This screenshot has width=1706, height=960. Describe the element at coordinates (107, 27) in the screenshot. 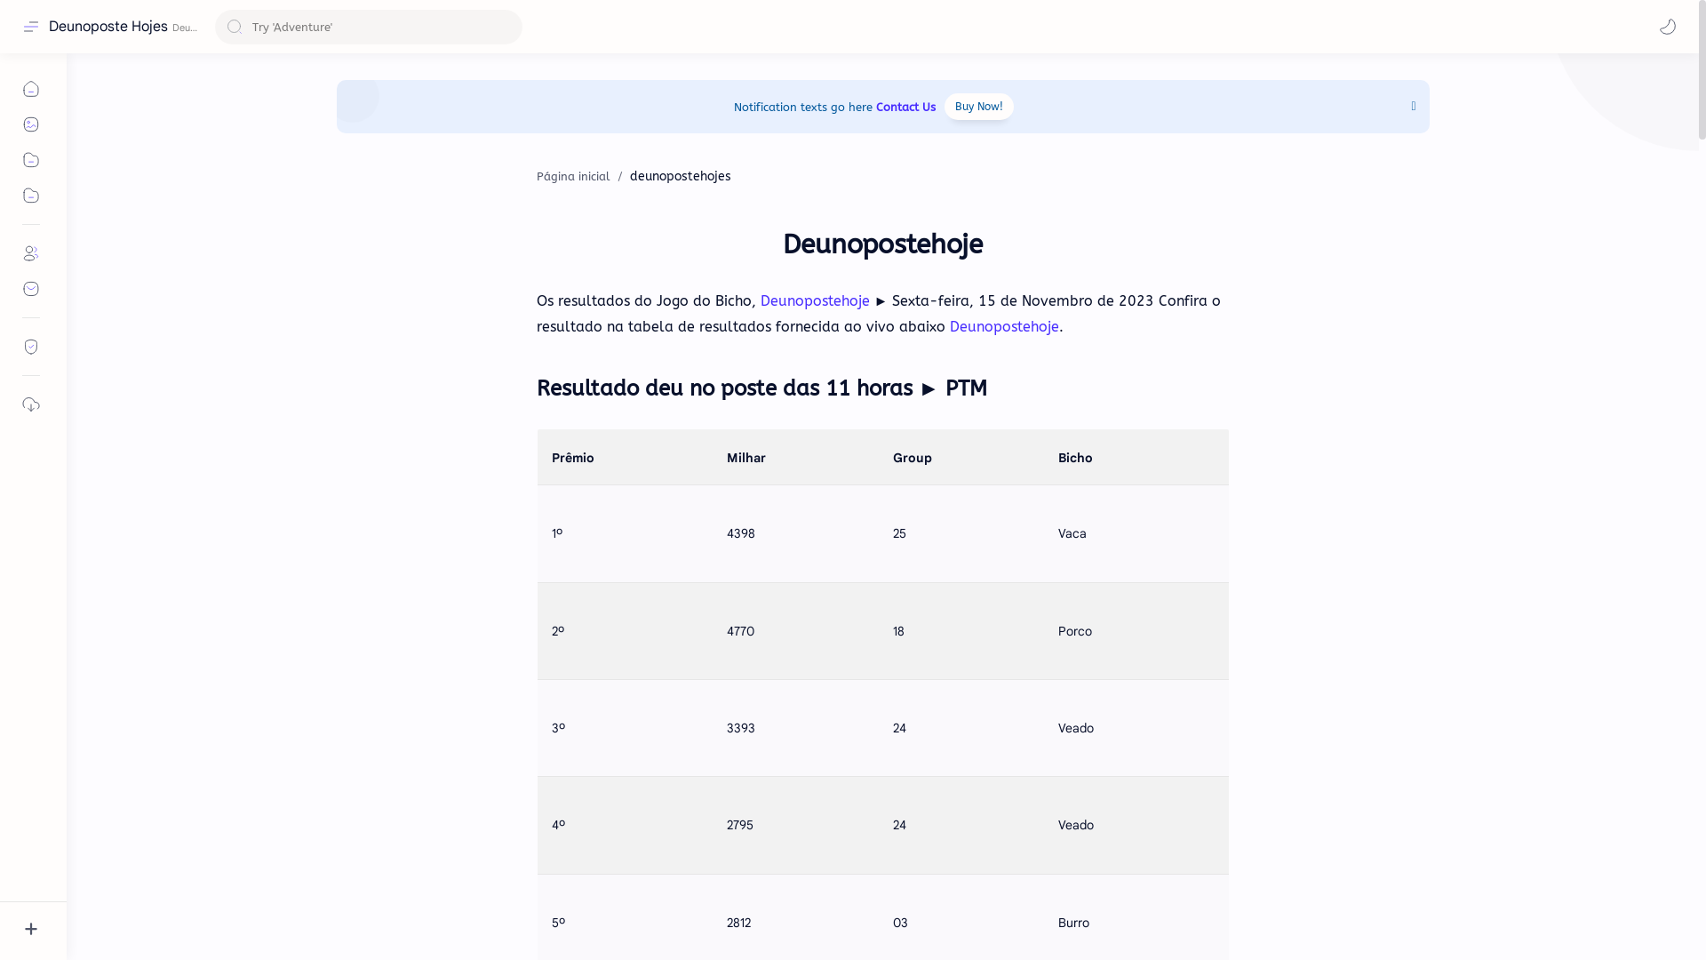

I see `'Deunoposte Hojes'` at that location.